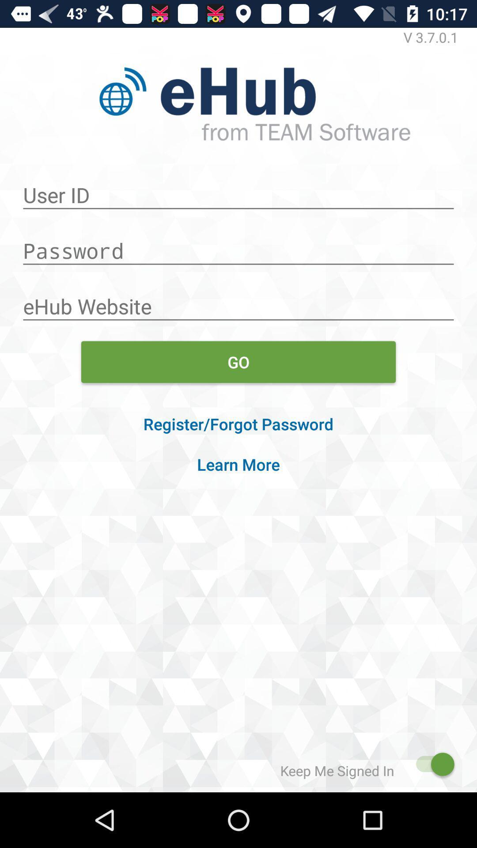  I want to click on user id, so click(238, 190).